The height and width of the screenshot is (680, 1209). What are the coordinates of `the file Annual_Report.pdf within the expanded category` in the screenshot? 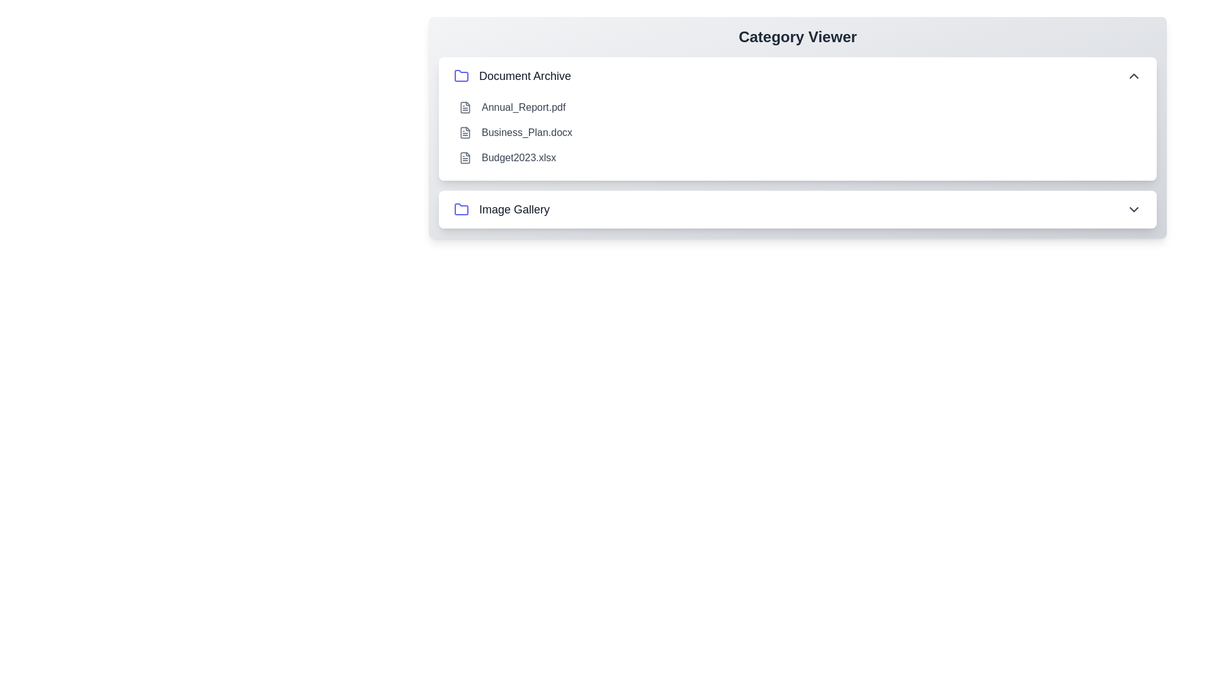 It's located at (465, 106).